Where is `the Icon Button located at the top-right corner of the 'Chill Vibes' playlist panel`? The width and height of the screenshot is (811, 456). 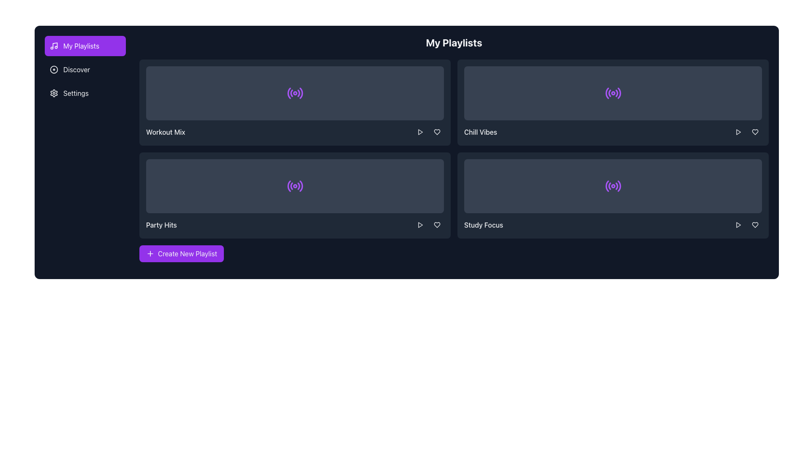
the Icon Button located at the top-right corner of the 'Chill Vibes' playlist panel is located at coordinates (738, 132).